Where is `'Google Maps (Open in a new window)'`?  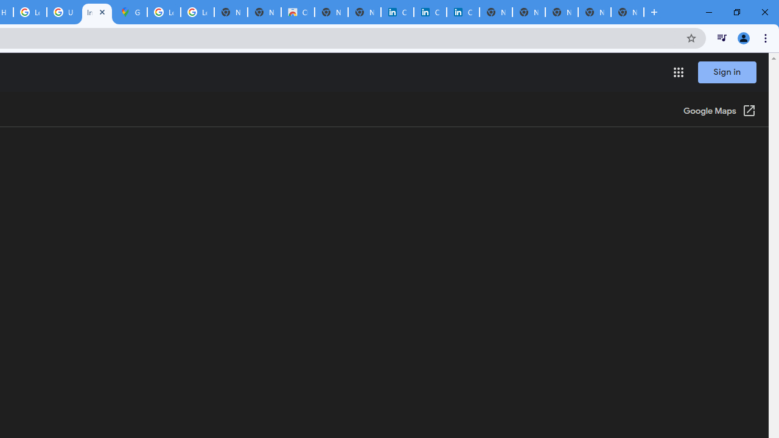 'Google Maps (Open in a new window)' is located at coordinates (719, 111).